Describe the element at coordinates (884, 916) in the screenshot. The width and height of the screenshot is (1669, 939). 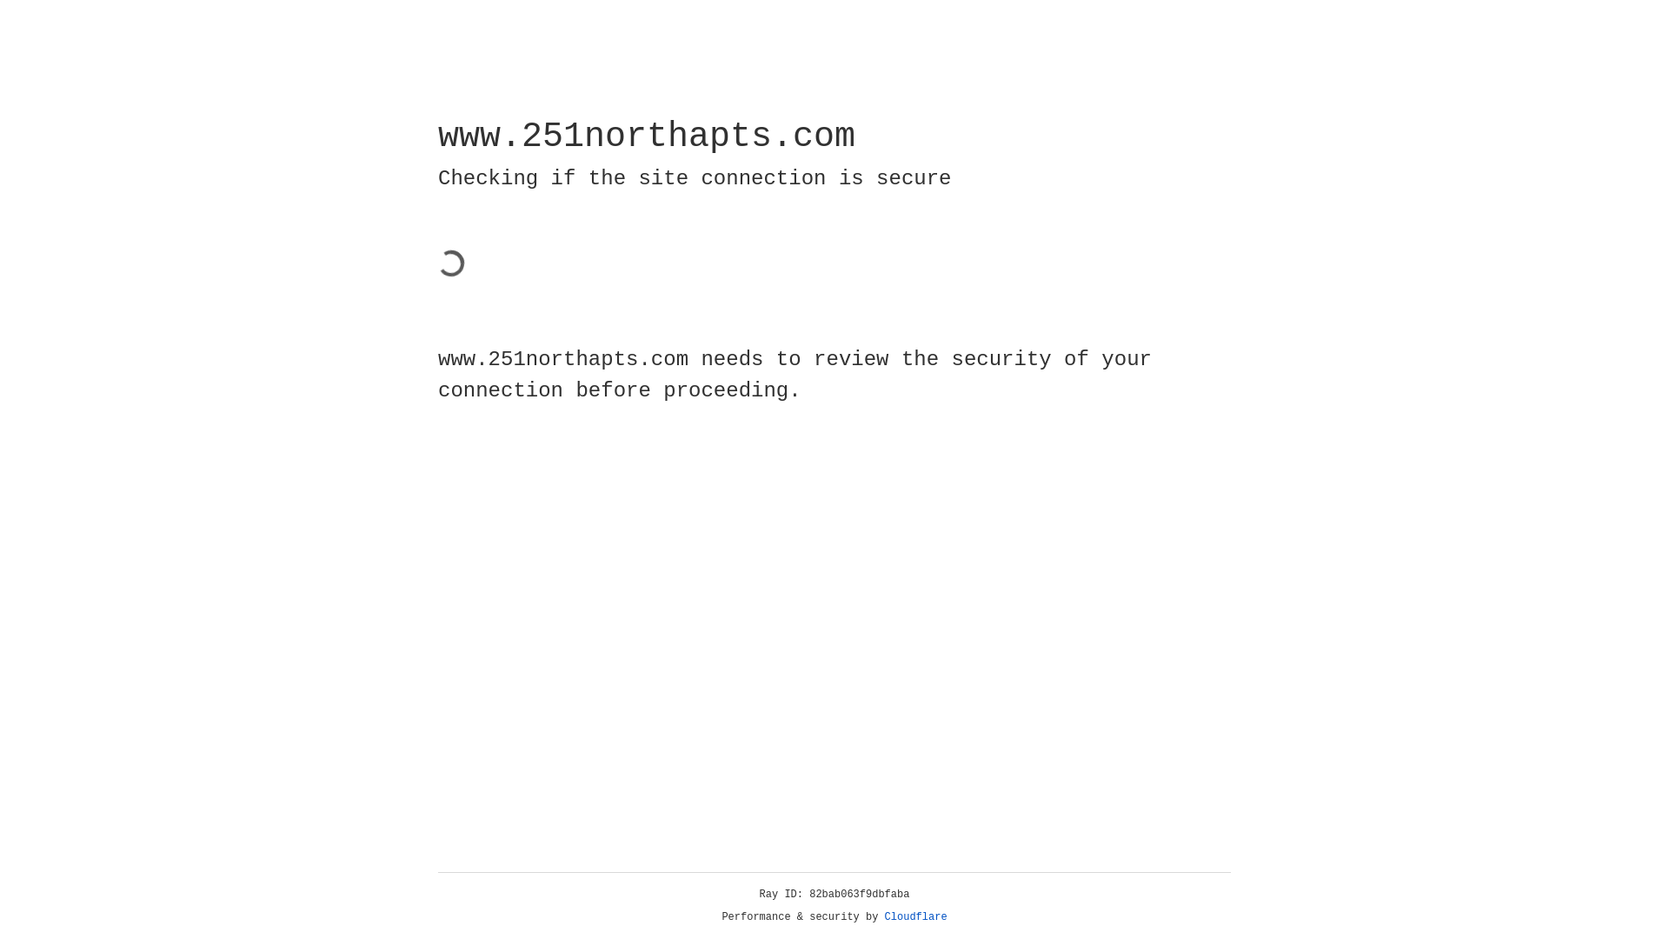
I see `'Cloudflare'` at that location.